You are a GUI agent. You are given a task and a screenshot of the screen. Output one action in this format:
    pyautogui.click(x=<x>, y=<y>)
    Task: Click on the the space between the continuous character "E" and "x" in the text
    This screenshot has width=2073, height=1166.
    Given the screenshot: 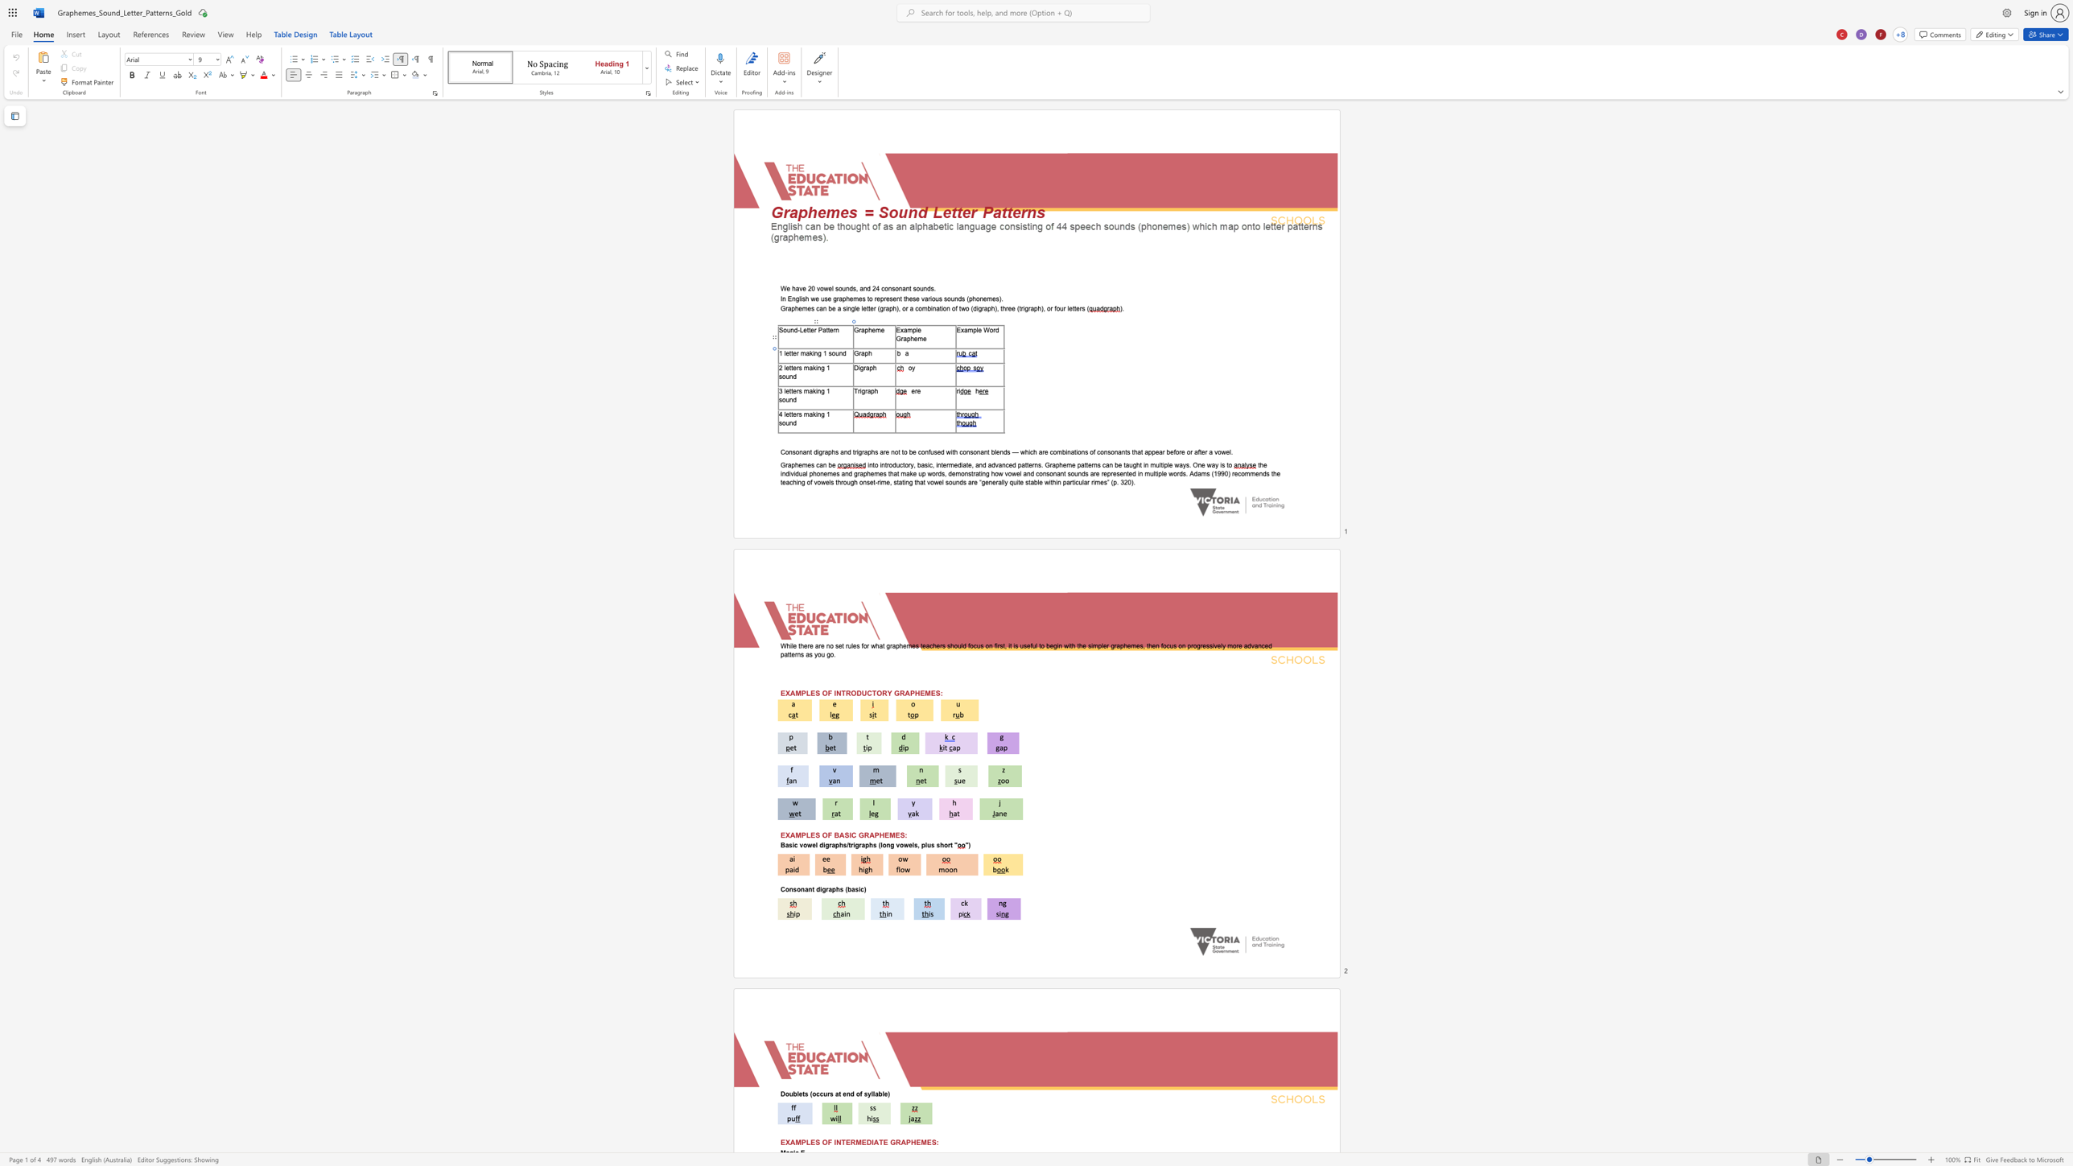 What is the action you would take?
    pyautogui.click(x=960, y=329)
    